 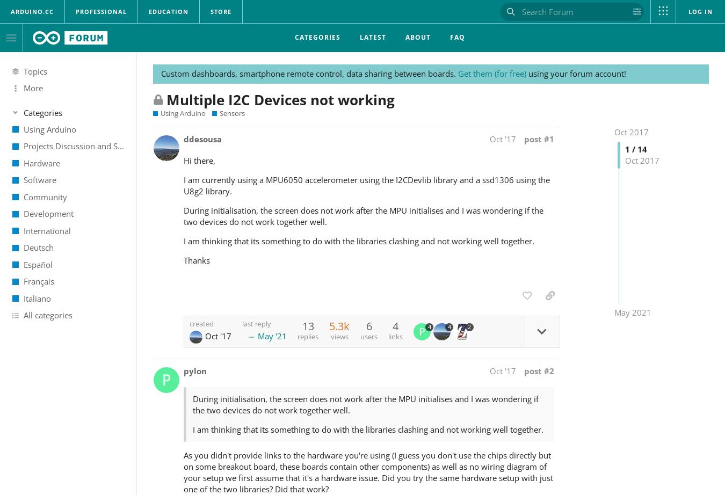 What do you see at coordinates (195, 370) in the screenshot?
I see `'pylon'` at bounding box center [195, 370].